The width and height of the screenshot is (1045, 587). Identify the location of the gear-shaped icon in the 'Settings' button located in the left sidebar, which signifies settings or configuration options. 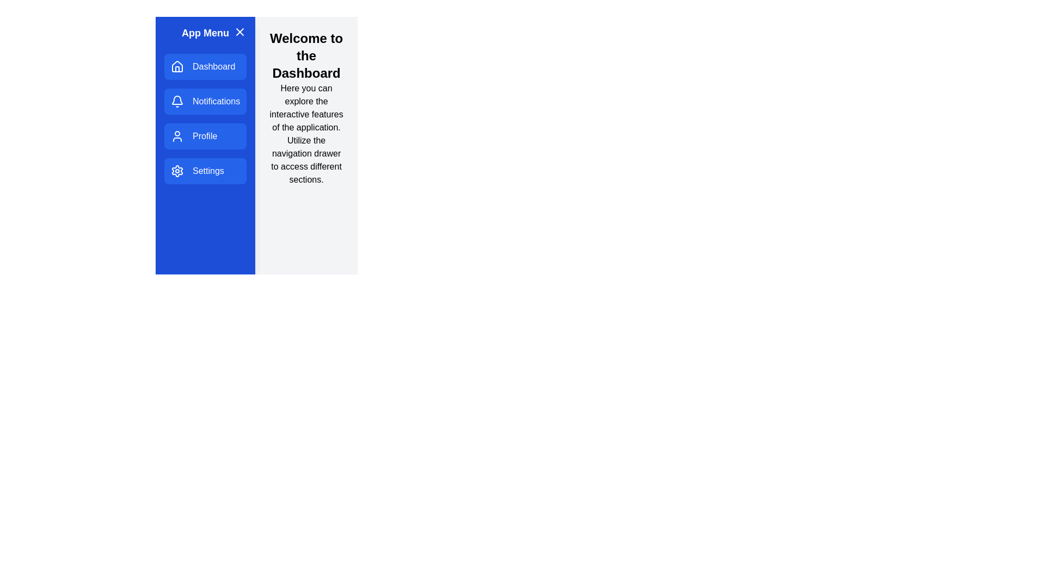
(177, 171).